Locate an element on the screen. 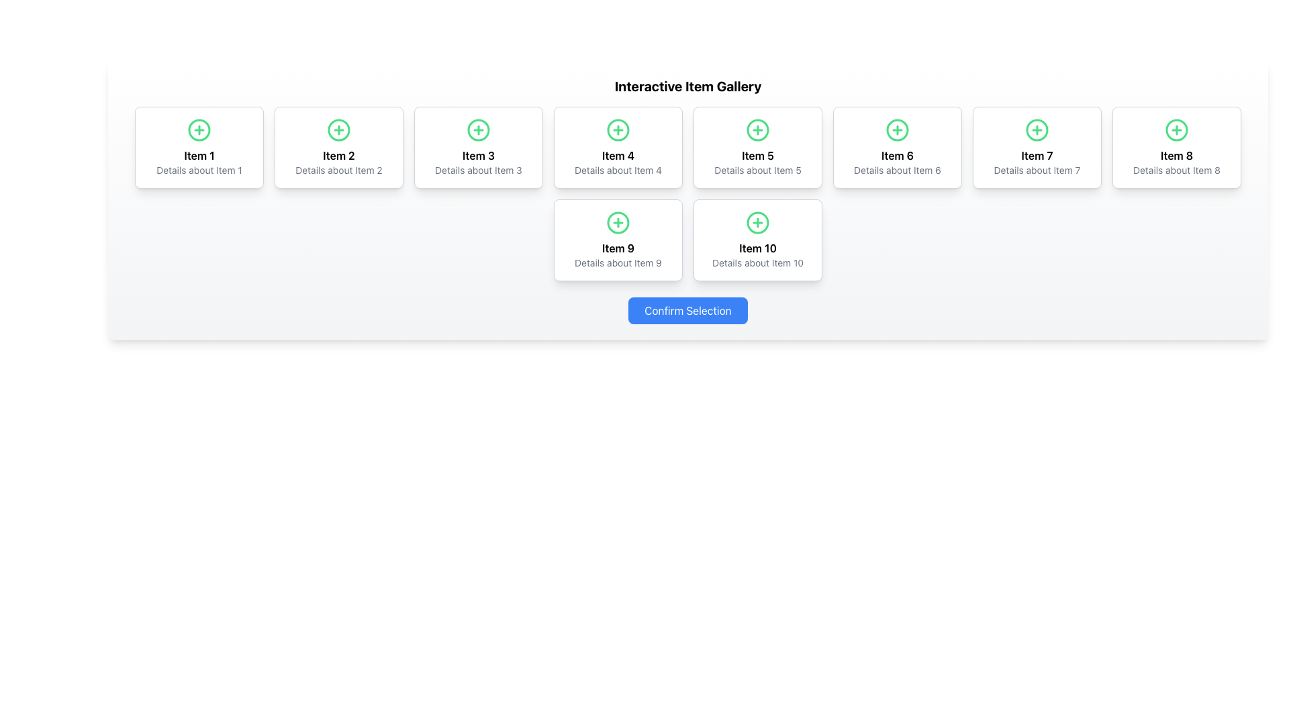 The height and width of the screenshot is (725, 1289). the circular border of the plus icon in the seventh item of the multi-item gallery is located at coordinates (1037, 130).